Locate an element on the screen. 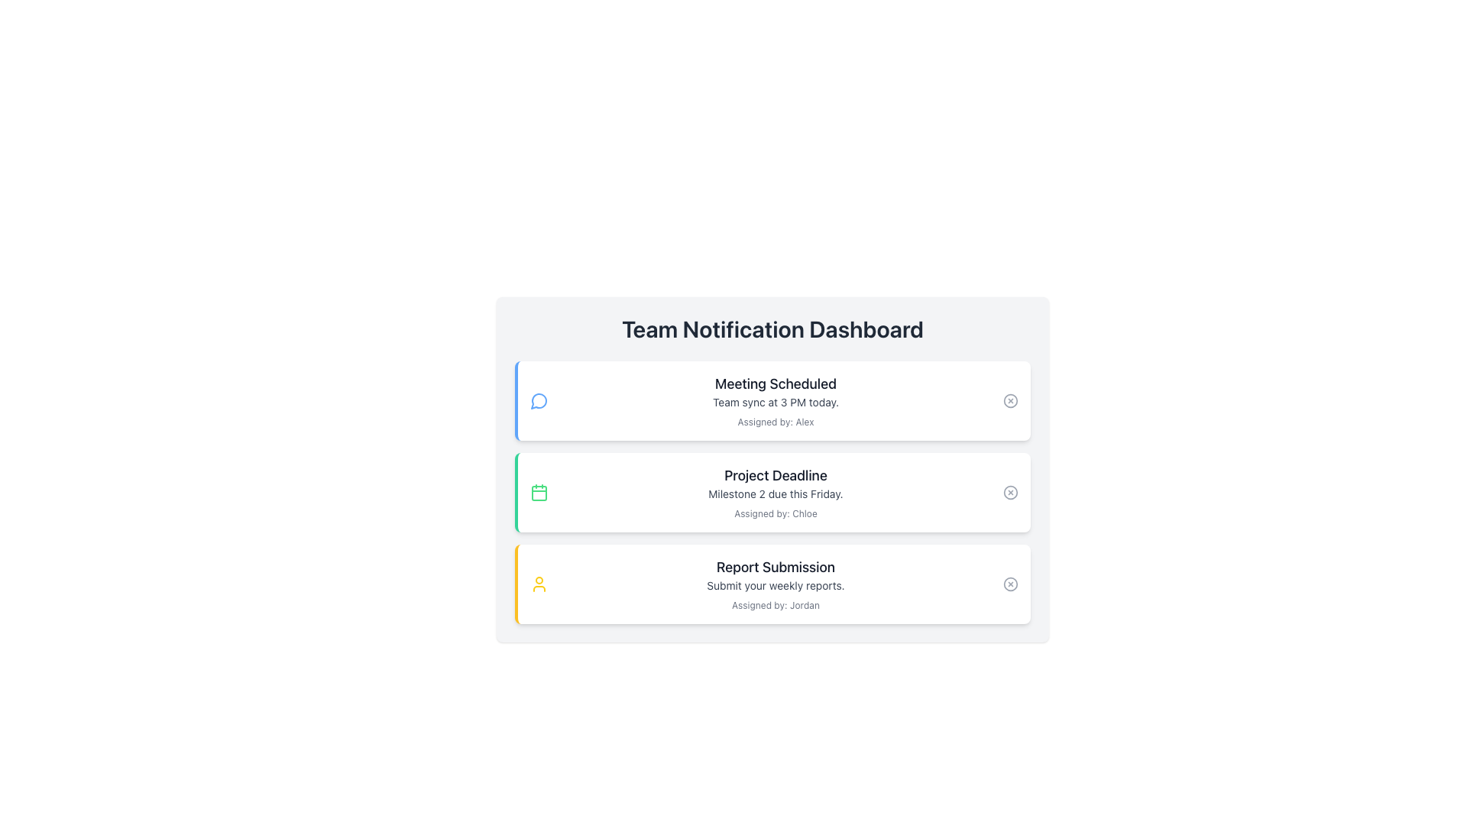 This screenshot has height=825, width=1467. the text label displaying 'Team sync at 3 PM today.' which is positioned below the title 'Meeting Scheduled' and above 'Assigned by: Alex' is located at coordinates (776, 402).